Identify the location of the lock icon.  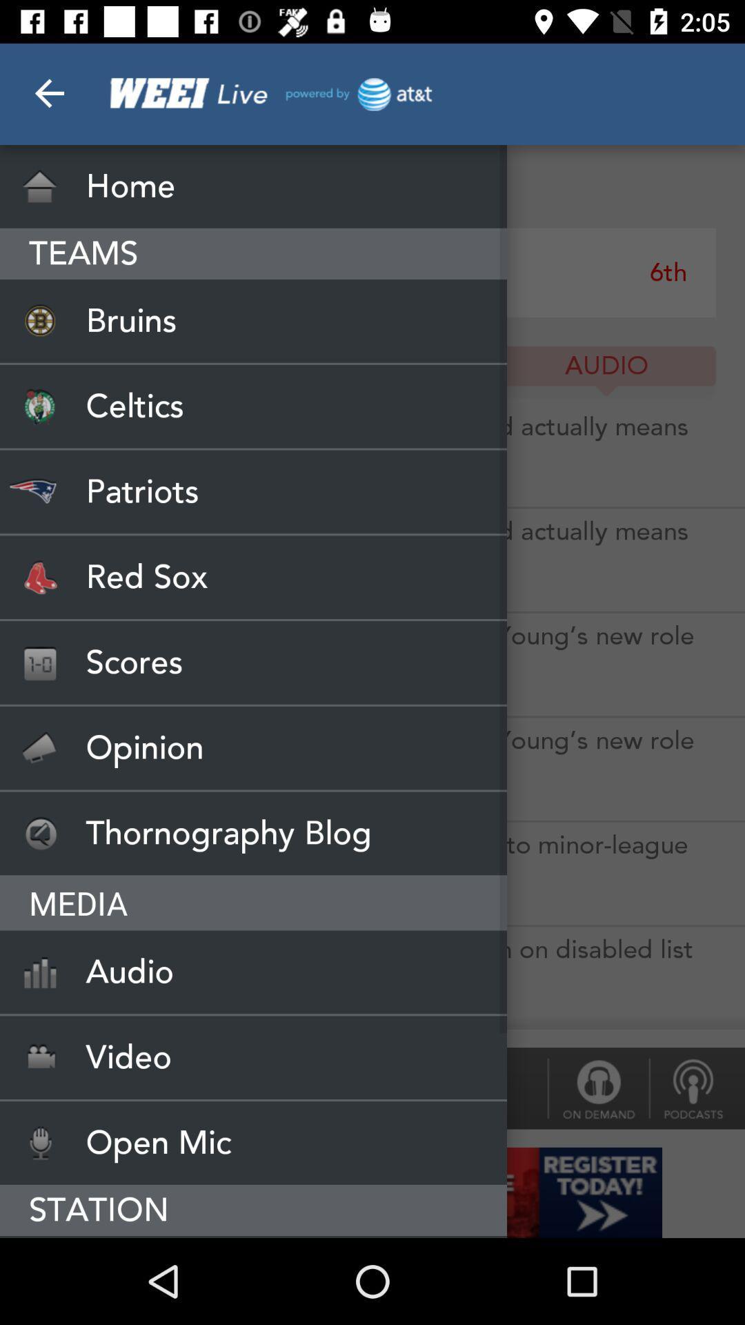
(597, 1088).